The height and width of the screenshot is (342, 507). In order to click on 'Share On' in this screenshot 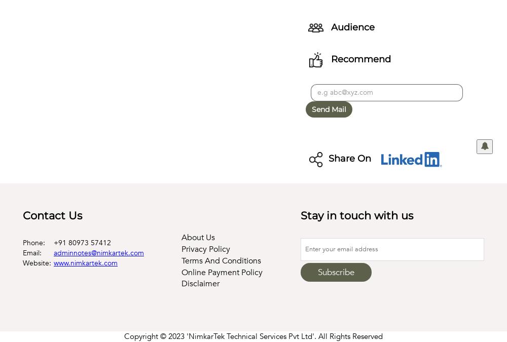, I will do `click(350, 158)`.